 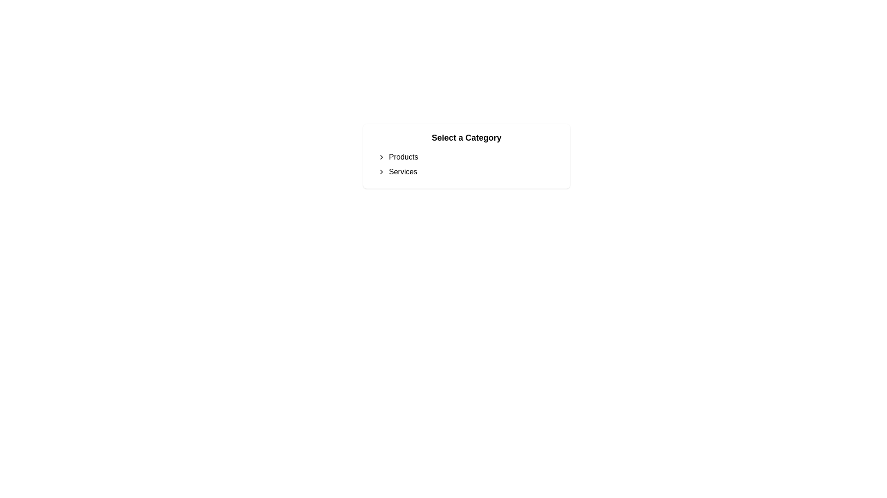 I want to click on the small right-pointing chevron icon located to the left of the 'Products' text in the vertical category selection interface, so click(x=381, y=156).